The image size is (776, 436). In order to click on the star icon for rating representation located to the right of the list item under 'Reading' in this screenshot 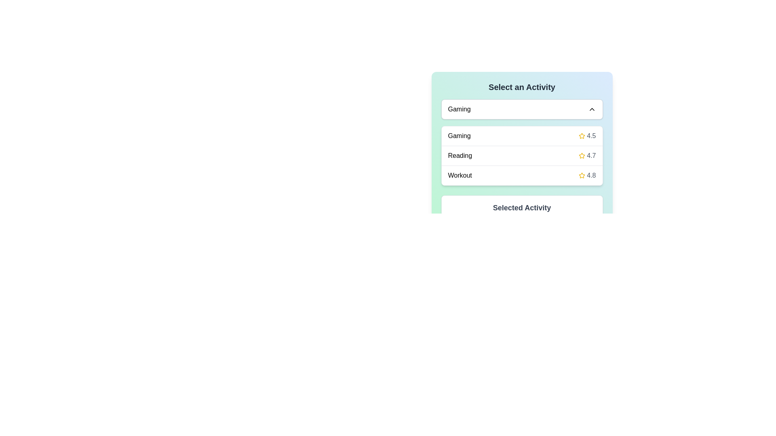, I will do `click(582, 175)`.